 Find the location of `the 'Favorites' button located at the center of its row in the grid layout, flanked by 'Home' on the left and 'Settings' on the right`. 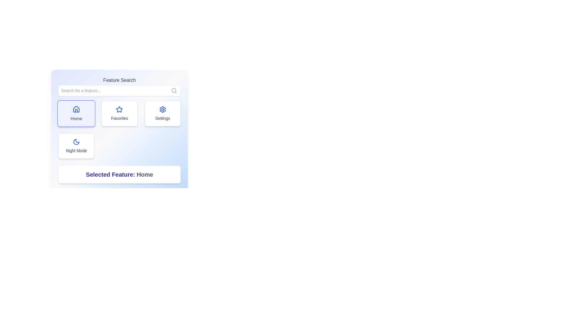

the 'Favorites' button located at the center of its row in the grid layout, flanked by 'Home' on the left and 'Settings' on the right is located at coordinates (119, 125).